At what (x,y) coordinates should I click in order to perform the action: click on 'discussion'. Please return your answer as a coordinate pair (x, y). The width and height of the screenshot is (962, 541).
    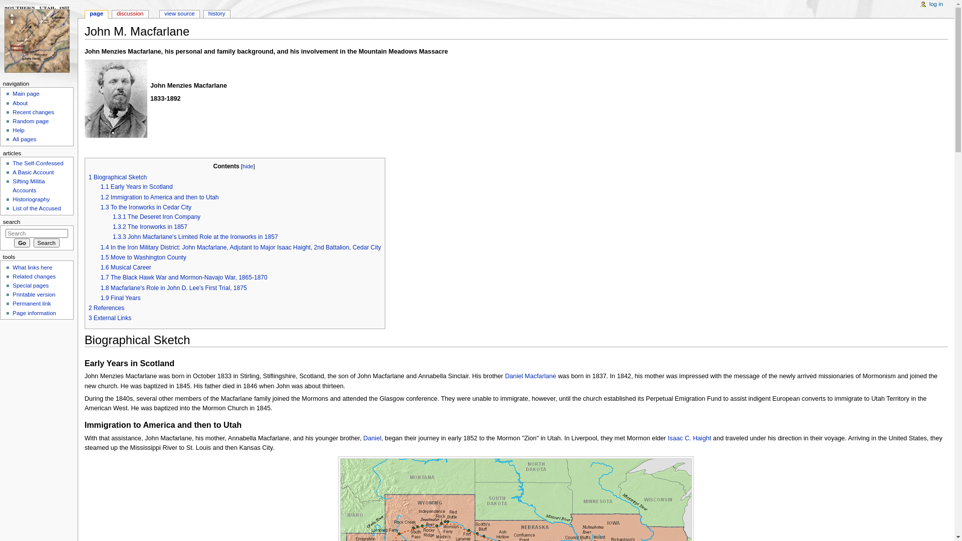
    Looking at the image, I should click on (129, 14).